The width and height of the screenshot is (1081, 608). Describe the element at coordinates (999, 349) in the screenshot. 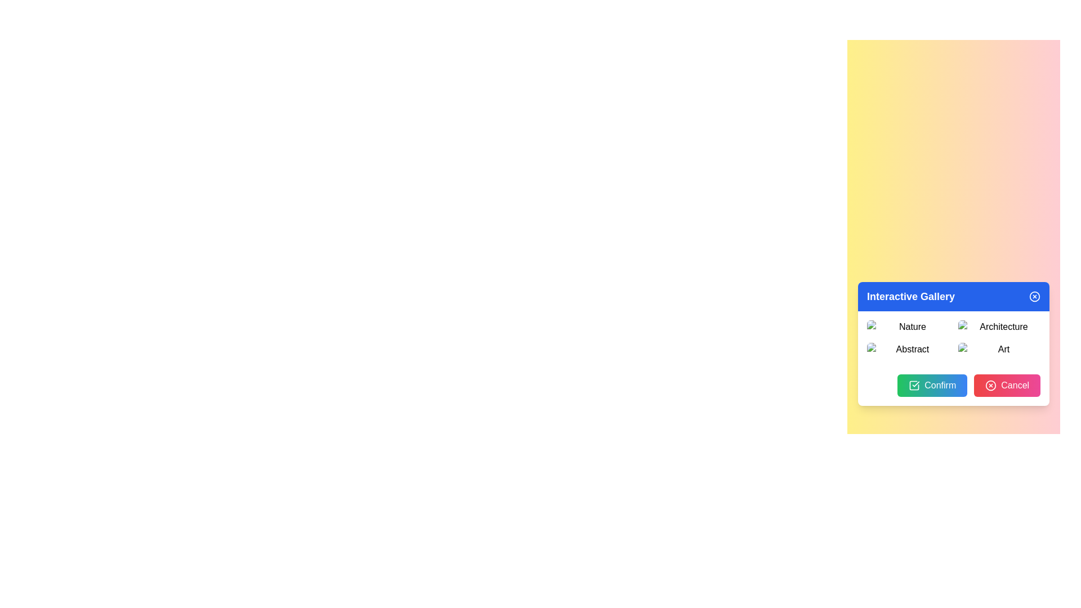

I see `text content of the label displaying the word 'Art' in the 'Interactive Gallery' dialog box, which is the fourth label in a group of icons` at that location.